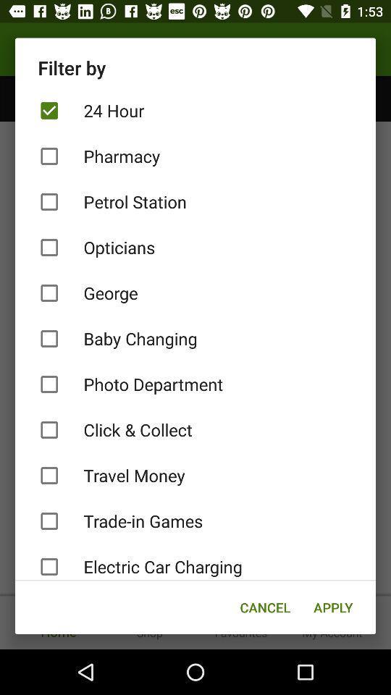 This screenshot has height=695, width=391. What do you see at coordinates (195, 339) in the screenshot?
I see `the item below the george item` at bounding box center [195, 339].